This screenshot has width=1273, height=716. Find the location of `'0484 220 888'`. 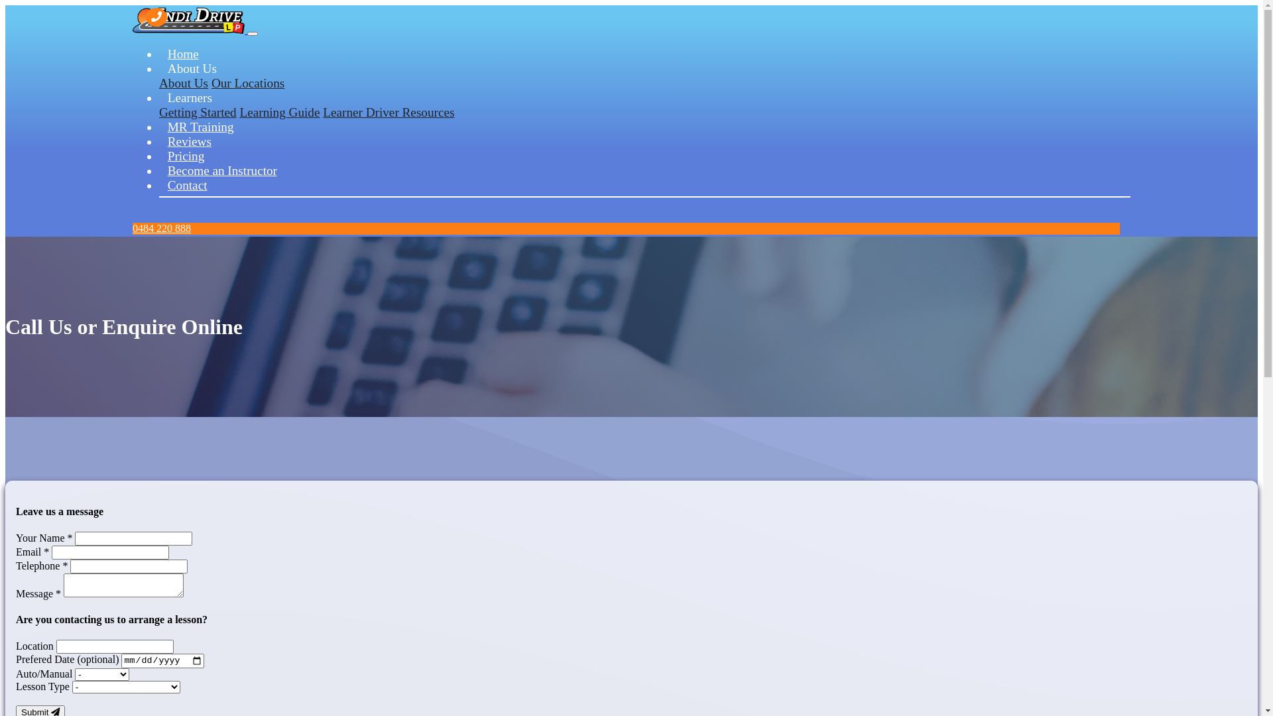

'0484 220 888' is located at coordinates (161, 227).